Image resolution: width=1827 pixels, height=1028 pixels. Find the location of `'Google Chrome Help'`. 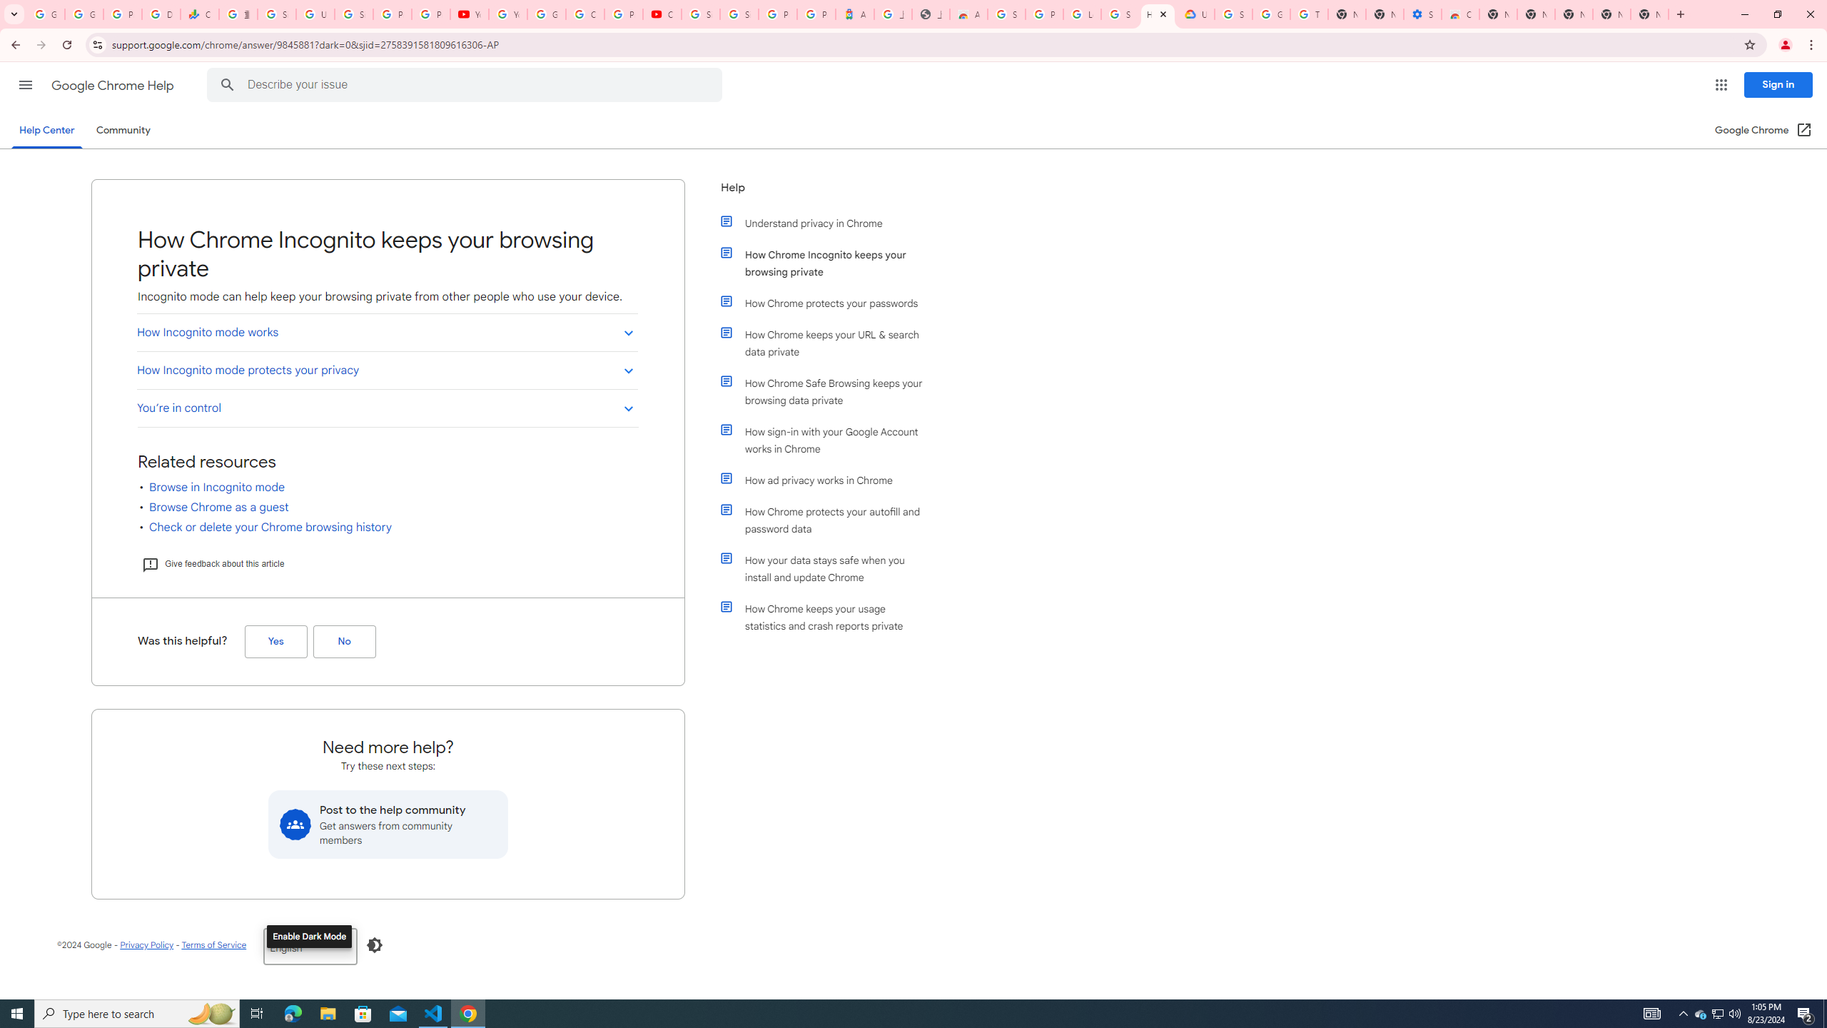

'Google Chrome Help' is located at coordinates (113, 85).